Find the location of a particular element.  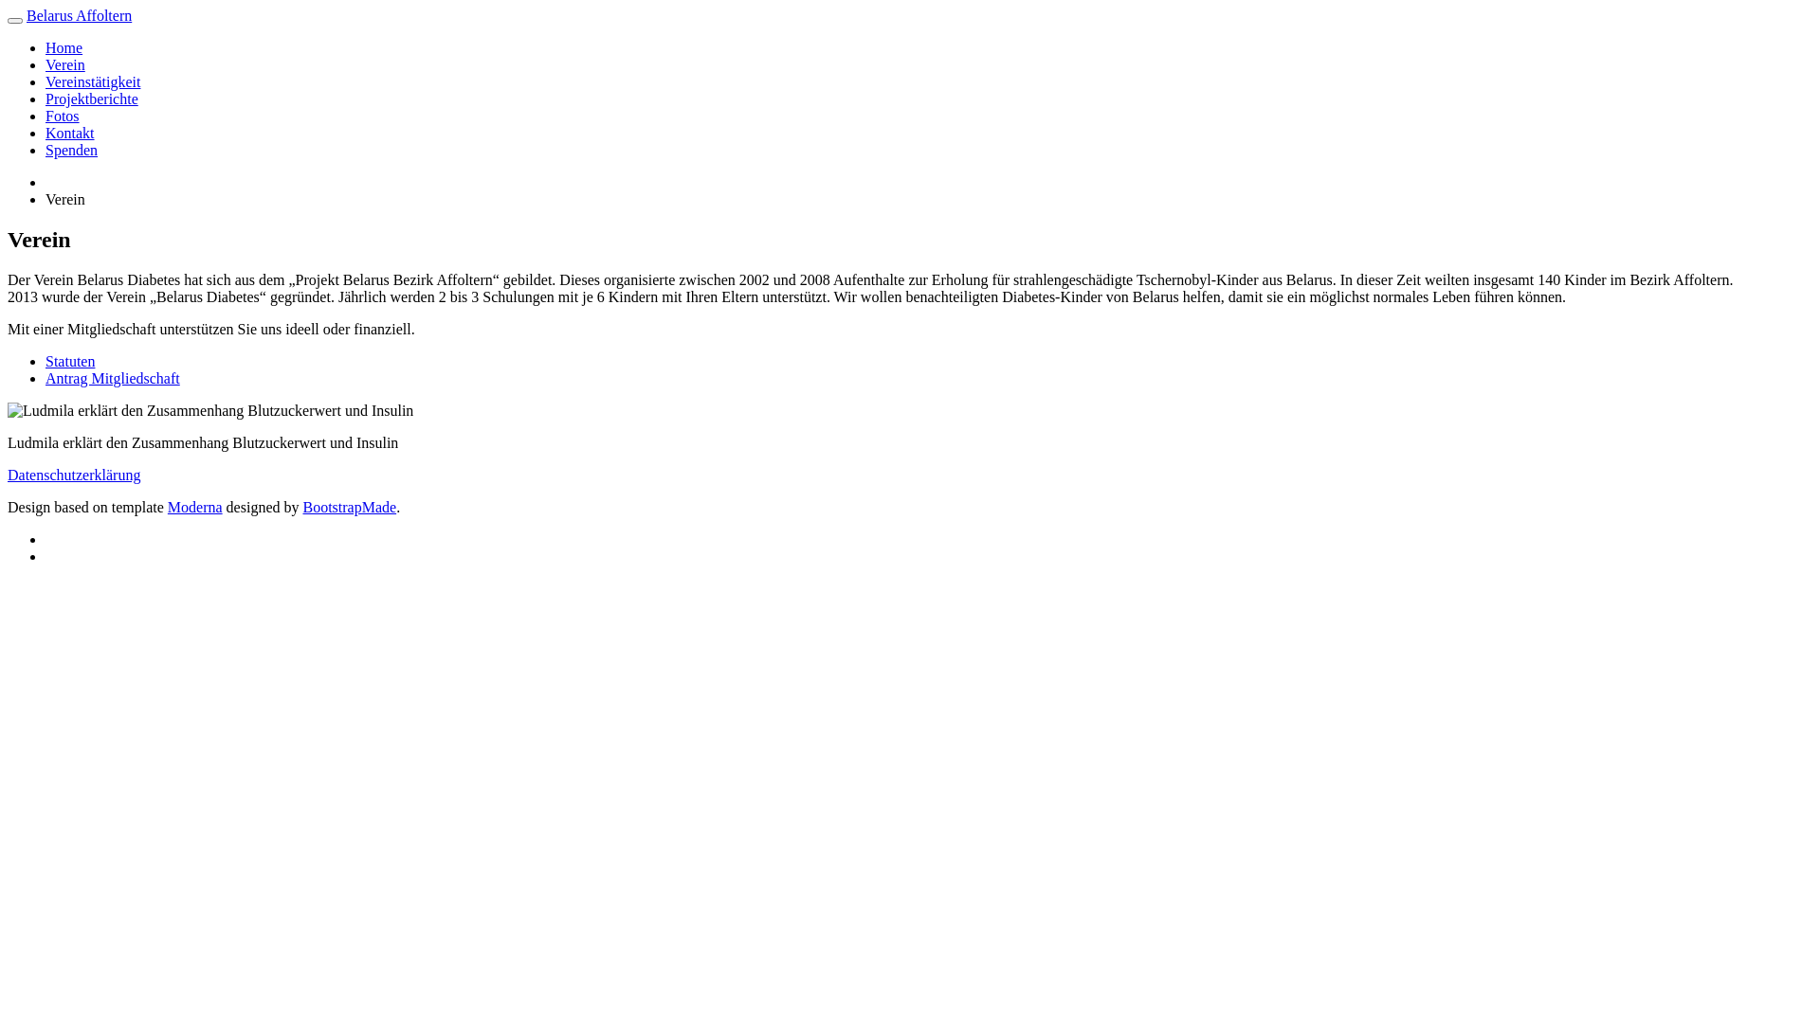

'Moderna' is located at coordinates (195, 506).